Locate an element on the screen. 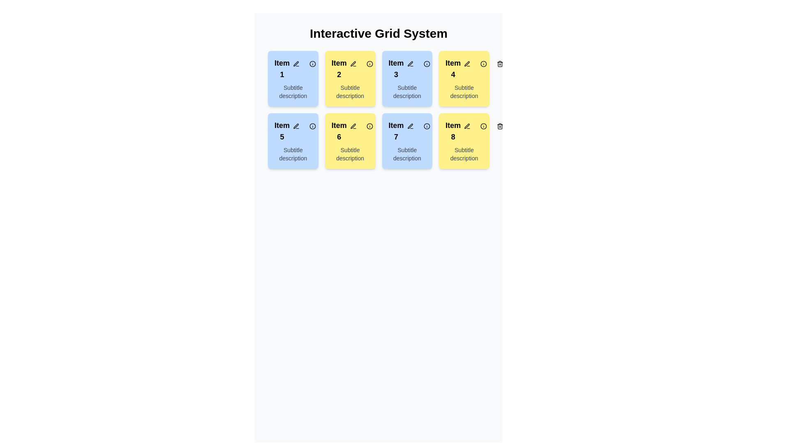  the circular icon with an information symbol located in the top-right corner of the fifth grid item is located at coordinates (312, 126).